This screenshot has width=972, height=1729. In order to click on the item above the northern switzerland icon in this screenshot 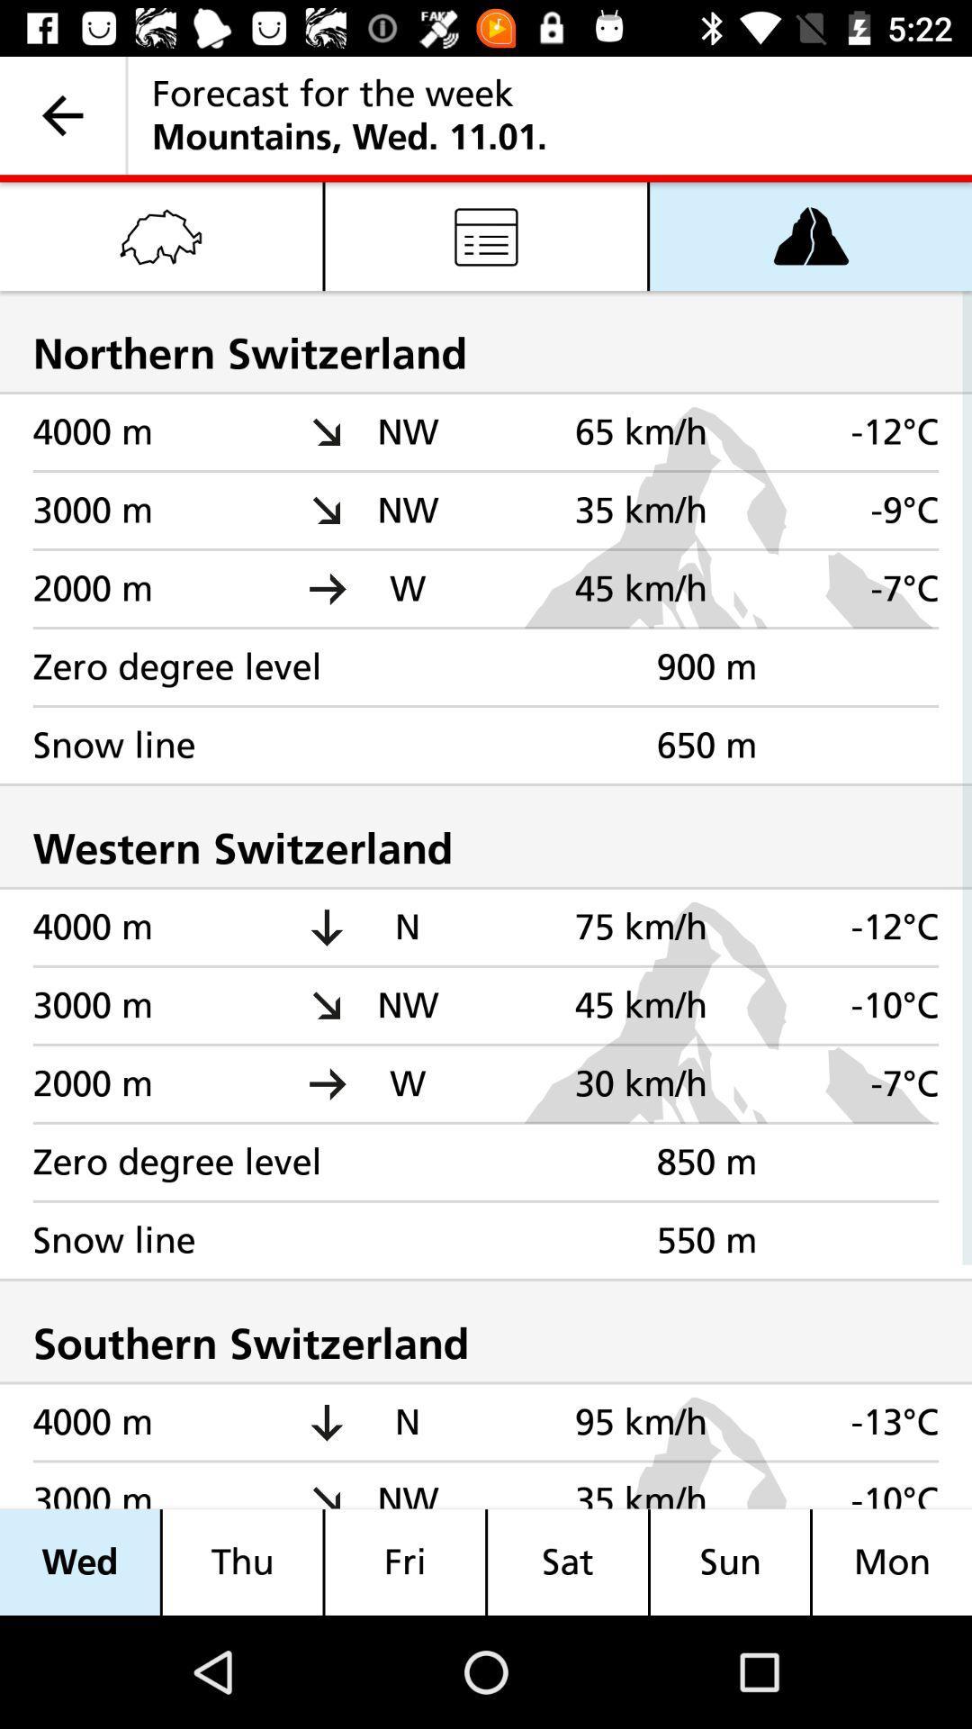, I will do `click(160, 235)`.